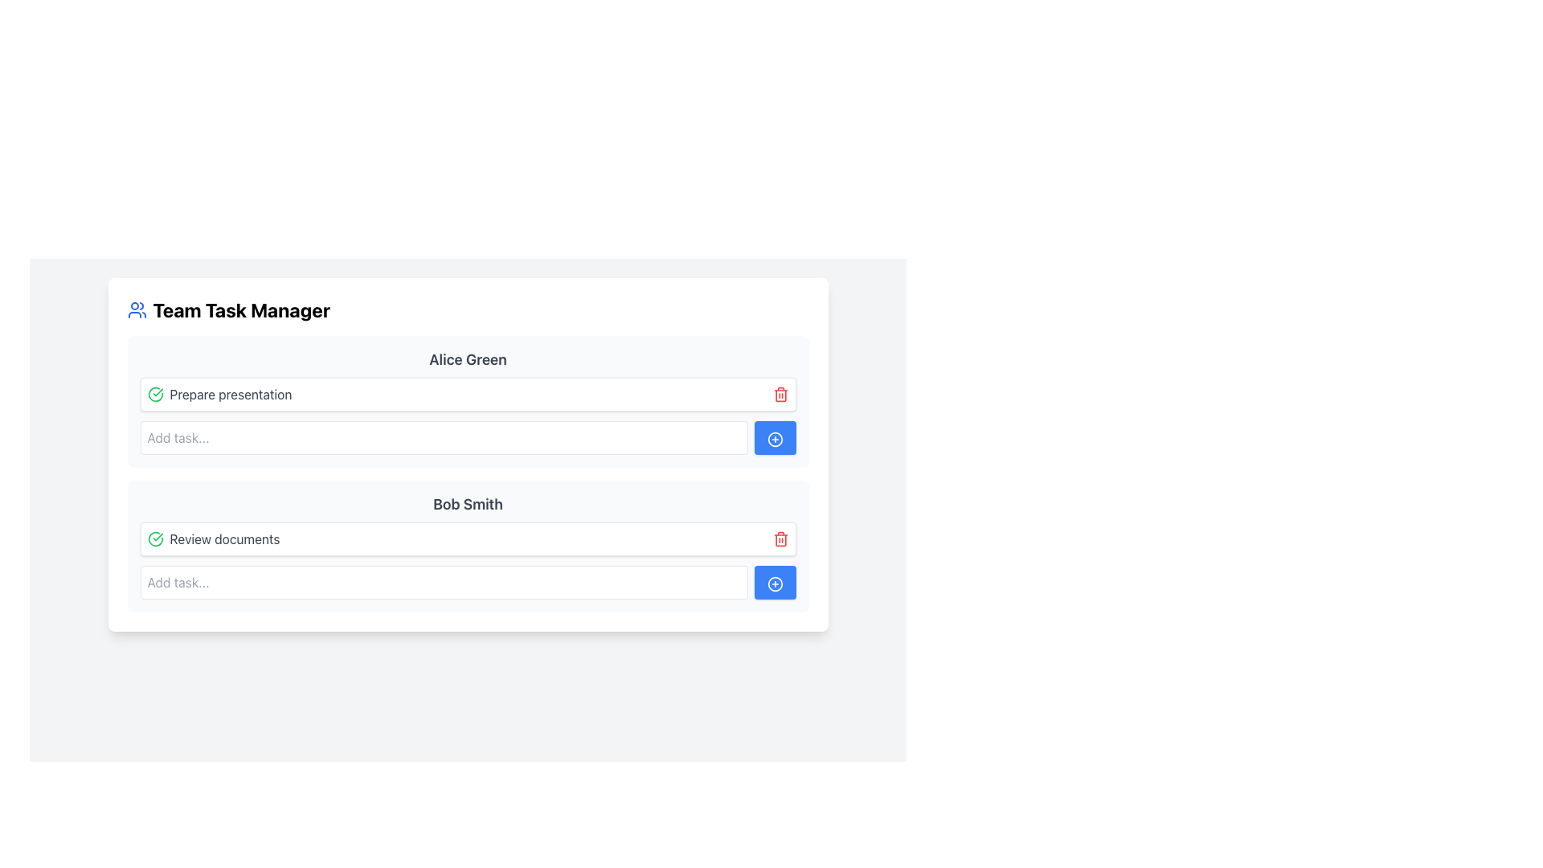 The image size is (1543, 868). Describe the element at coordinates (780, 539) in the screenshot. I see `the red trash can icon button located on the rightmost side of the 'Review documents' task row to observe a change in shade` at that location.